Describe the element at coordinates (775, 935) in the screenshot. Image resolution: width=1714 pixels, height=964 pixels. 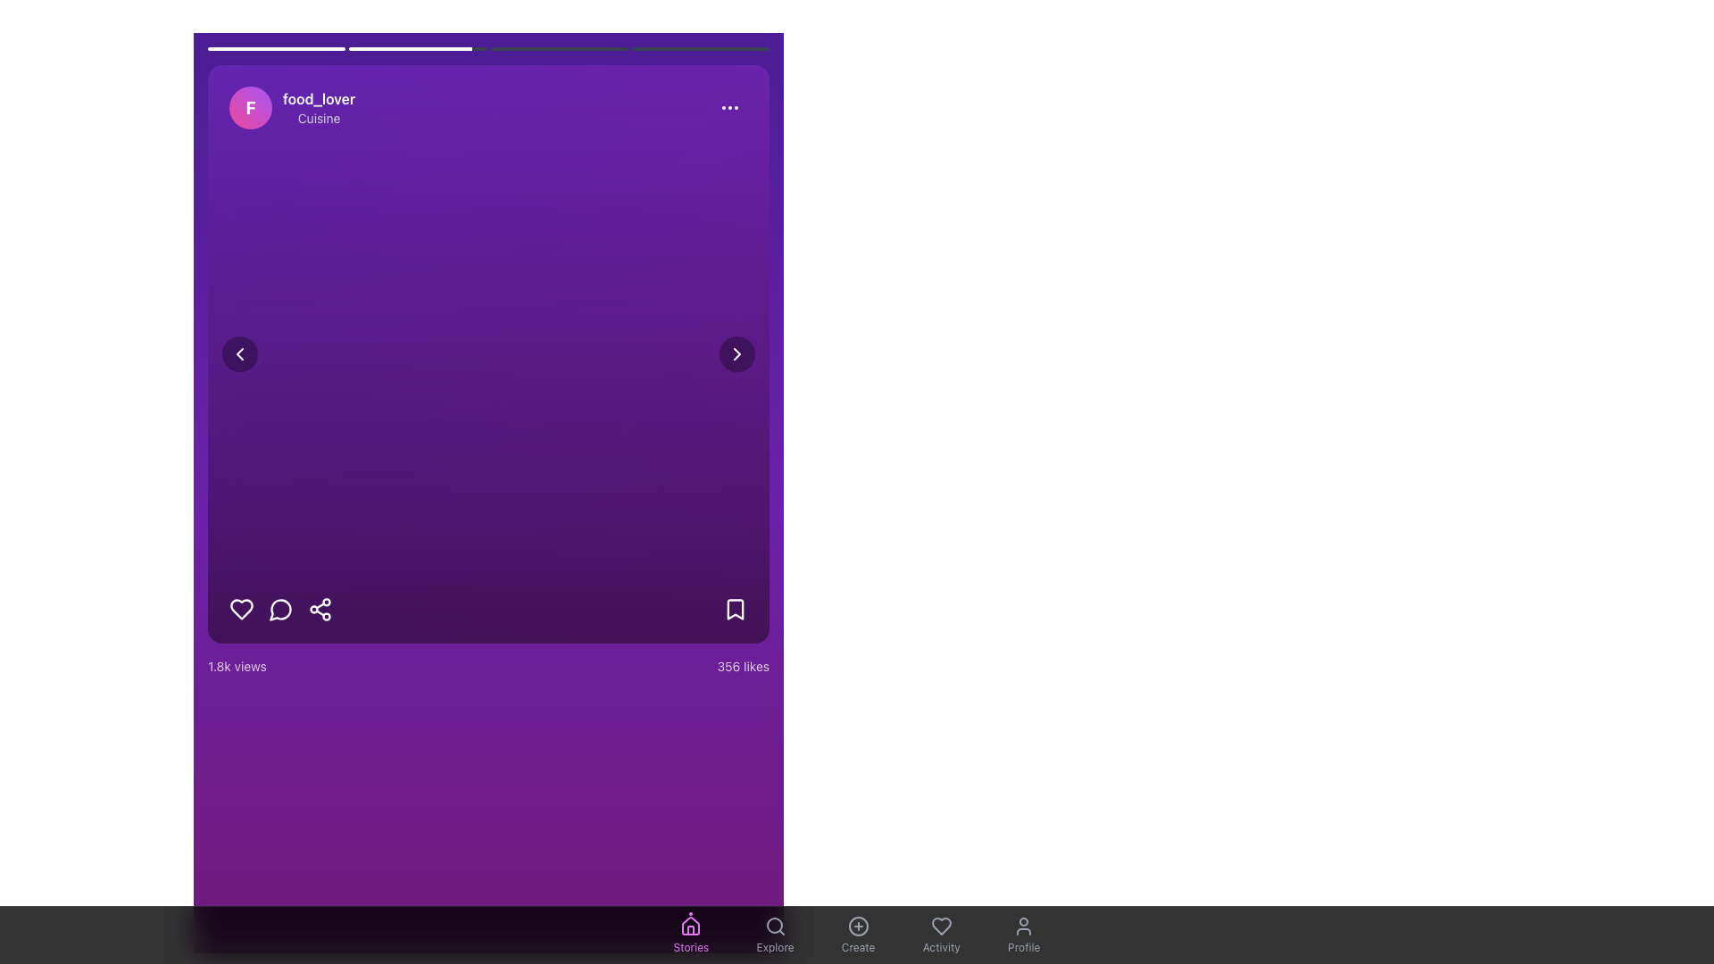
I see `the 'Explore' button located in the bottom navigation bar to trigger the color change effect` at that location.